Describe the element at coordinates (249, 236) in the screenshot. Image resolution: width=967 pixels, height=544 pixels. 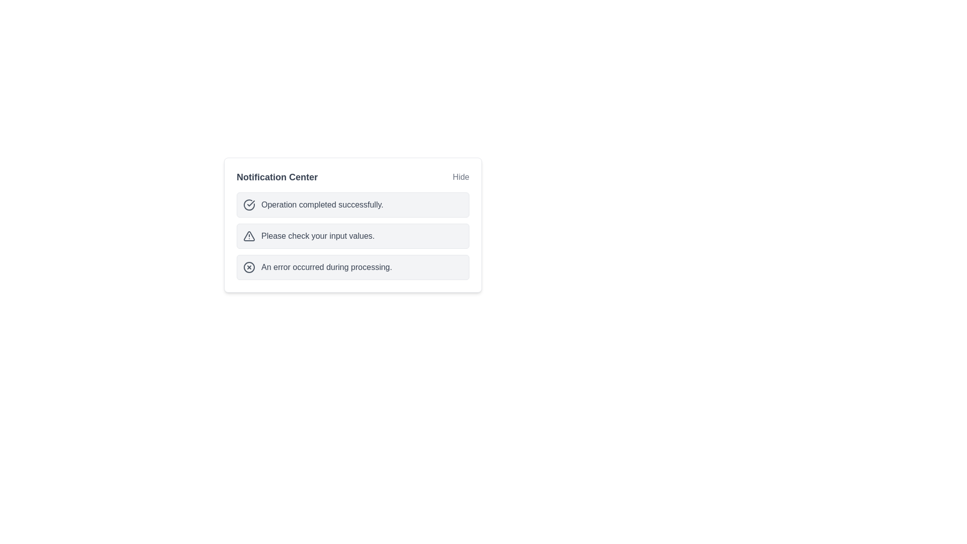
I see `the warning icon located to the left of the text 'Please check your input values.' in the second notification row of the notification center` at that location.